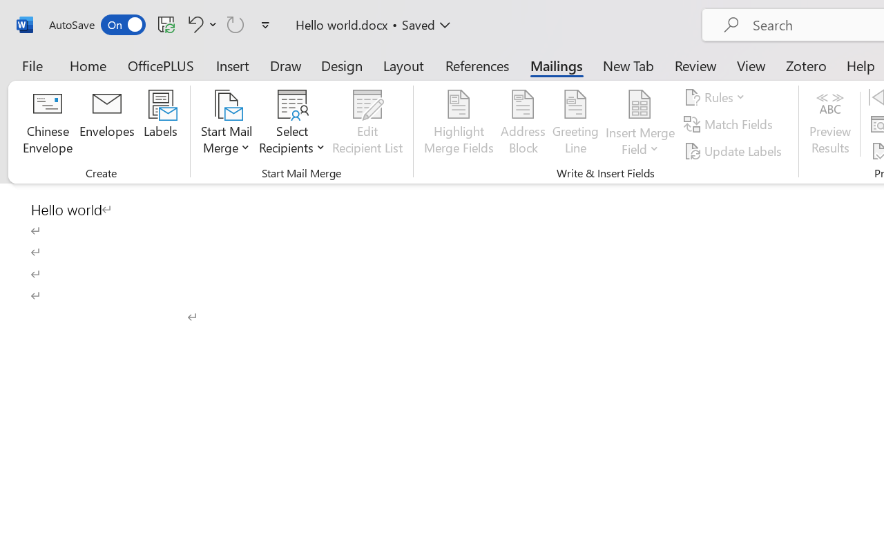  I want to click on 'File Tab', so click(32, 65).